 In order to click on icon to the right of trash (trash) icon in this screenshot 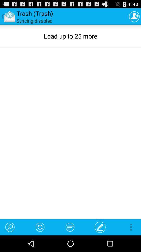, I will do `click(134, 16)`.